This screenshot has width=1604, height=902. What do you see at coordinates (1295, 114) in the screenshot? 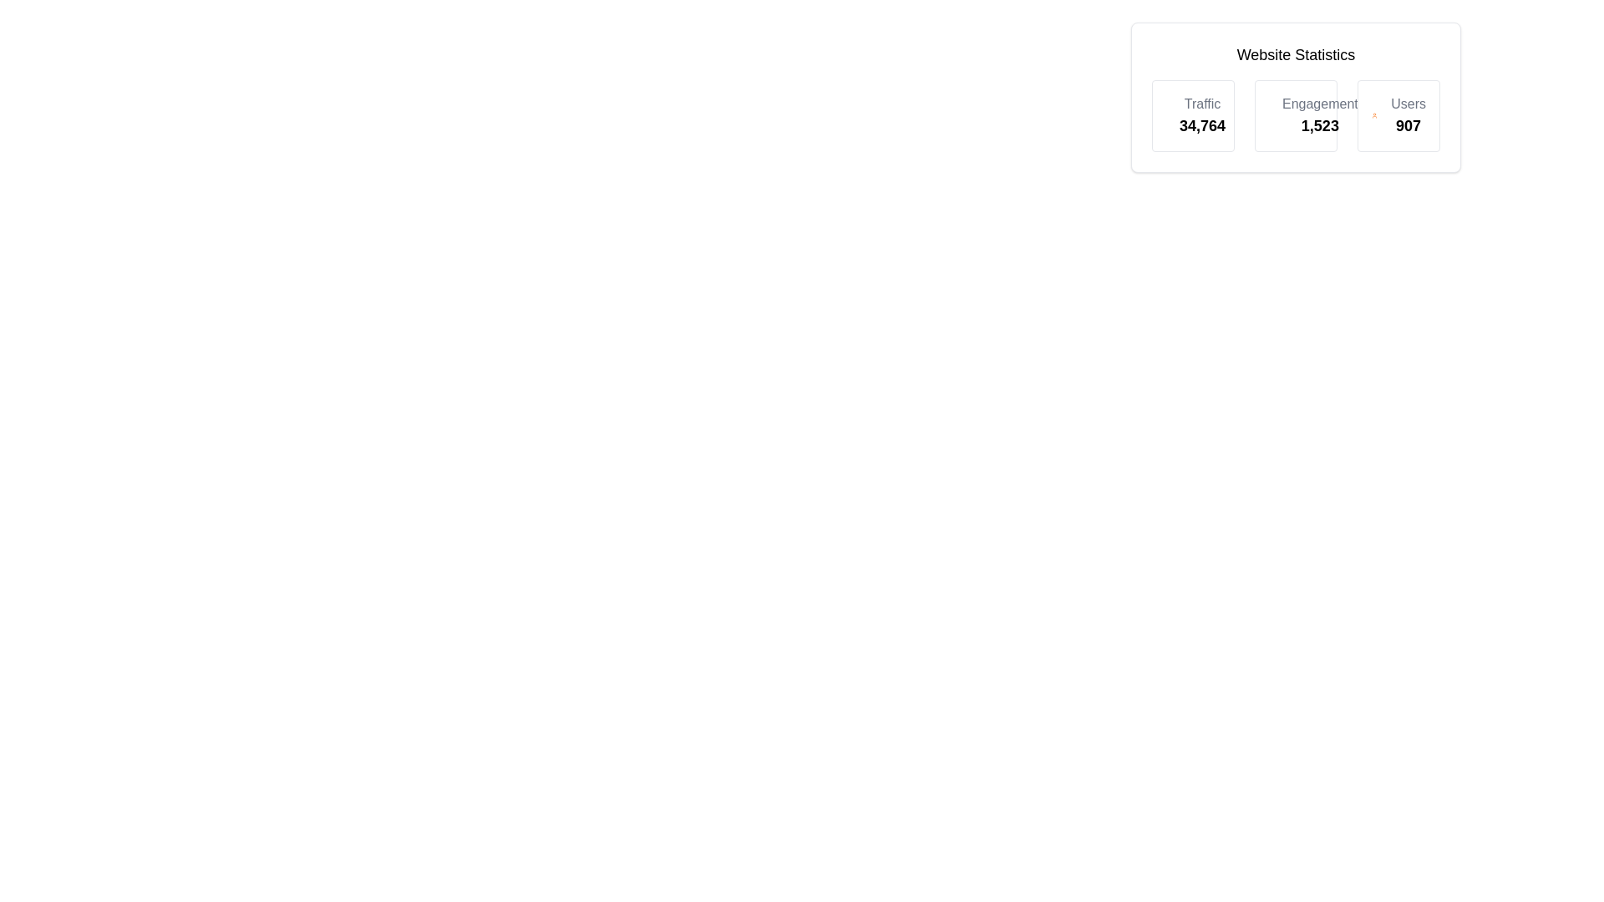
I see `the 'Engagement' Information card displaying the value '1,523' located in the middle of the three-column layout under 'Website Statistics'` at bounding box center [1295, 114].